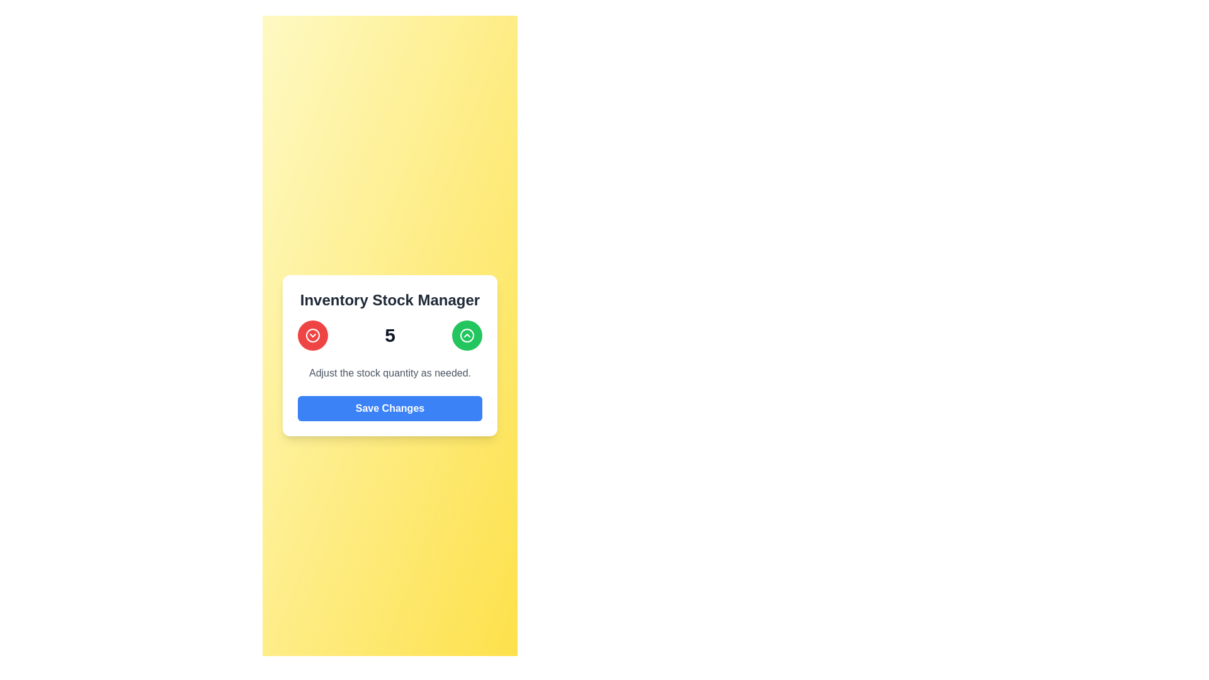 The height and width of the screenshot is (680, 1209). What do you see at coordinates (313, 334) in the screenshot?
I see `the circular button with a red background and white chevron-down icon for accessibility purposes` at bounding box center [313, 334].